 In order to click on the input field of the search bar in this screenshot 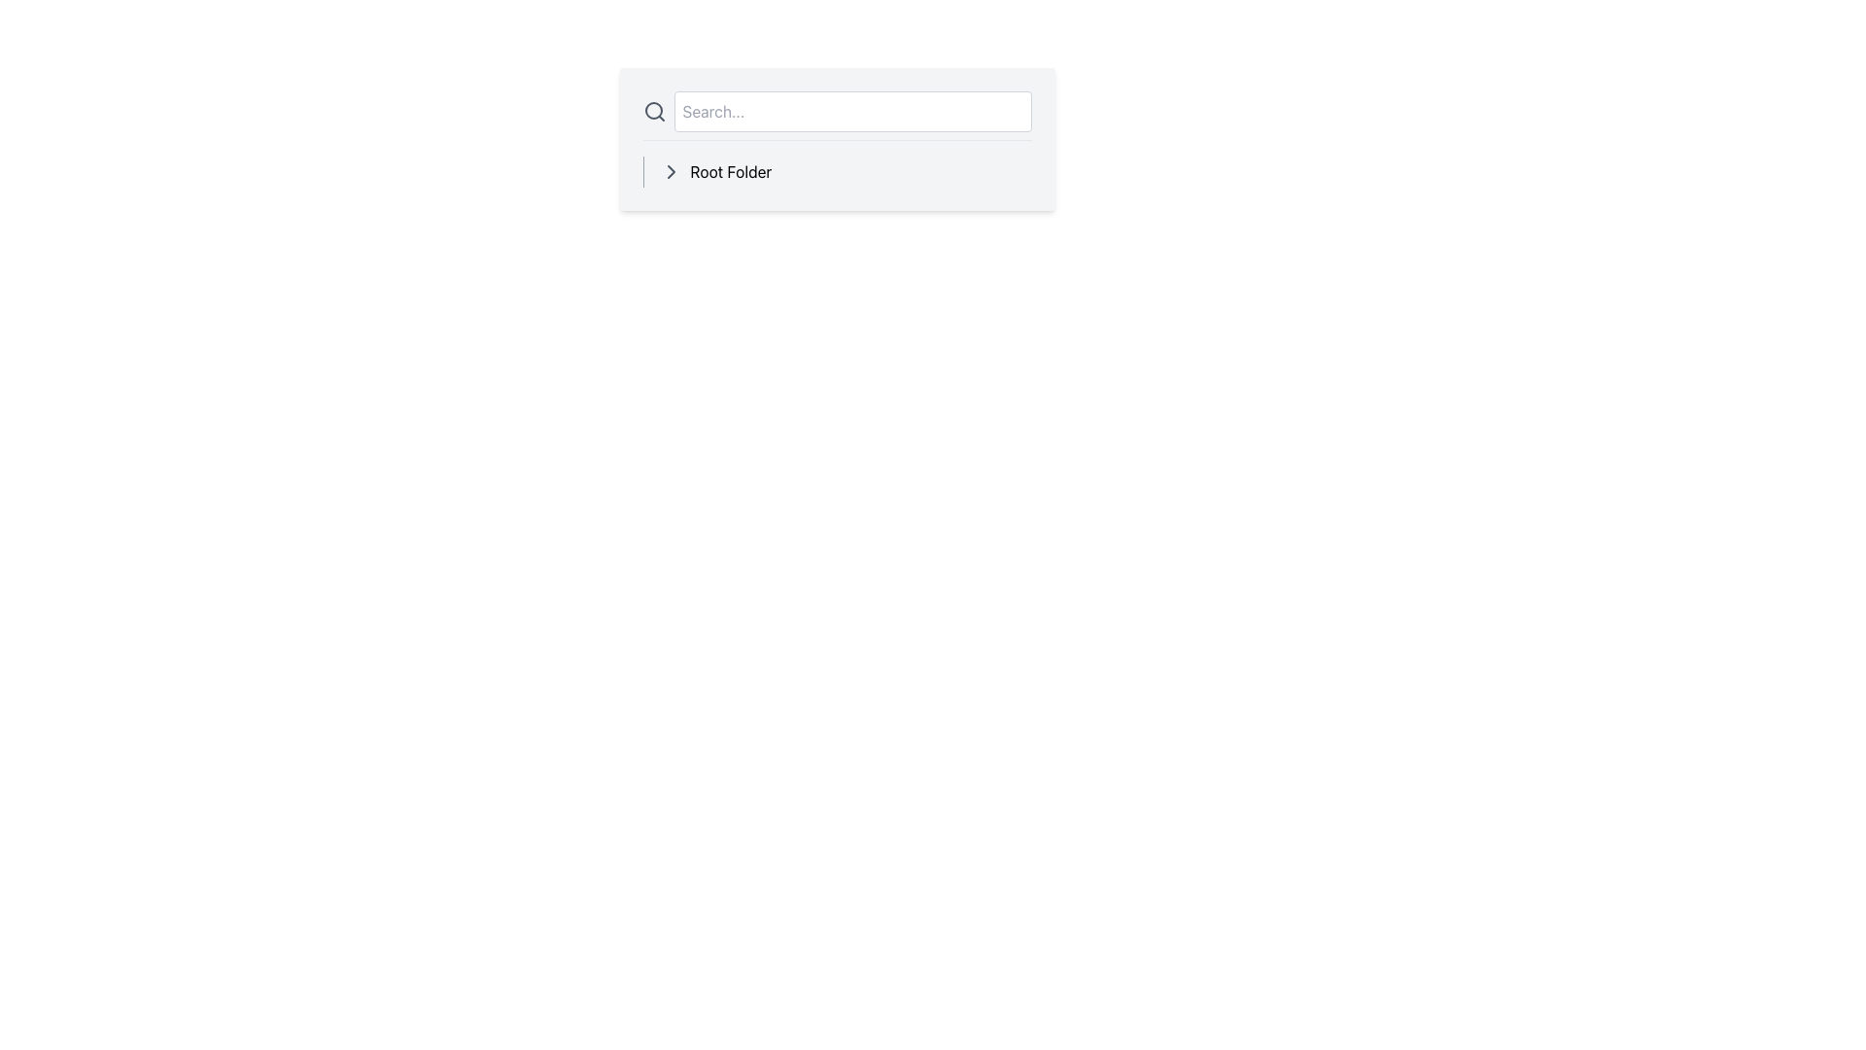, I will do `click(837, 116)`.